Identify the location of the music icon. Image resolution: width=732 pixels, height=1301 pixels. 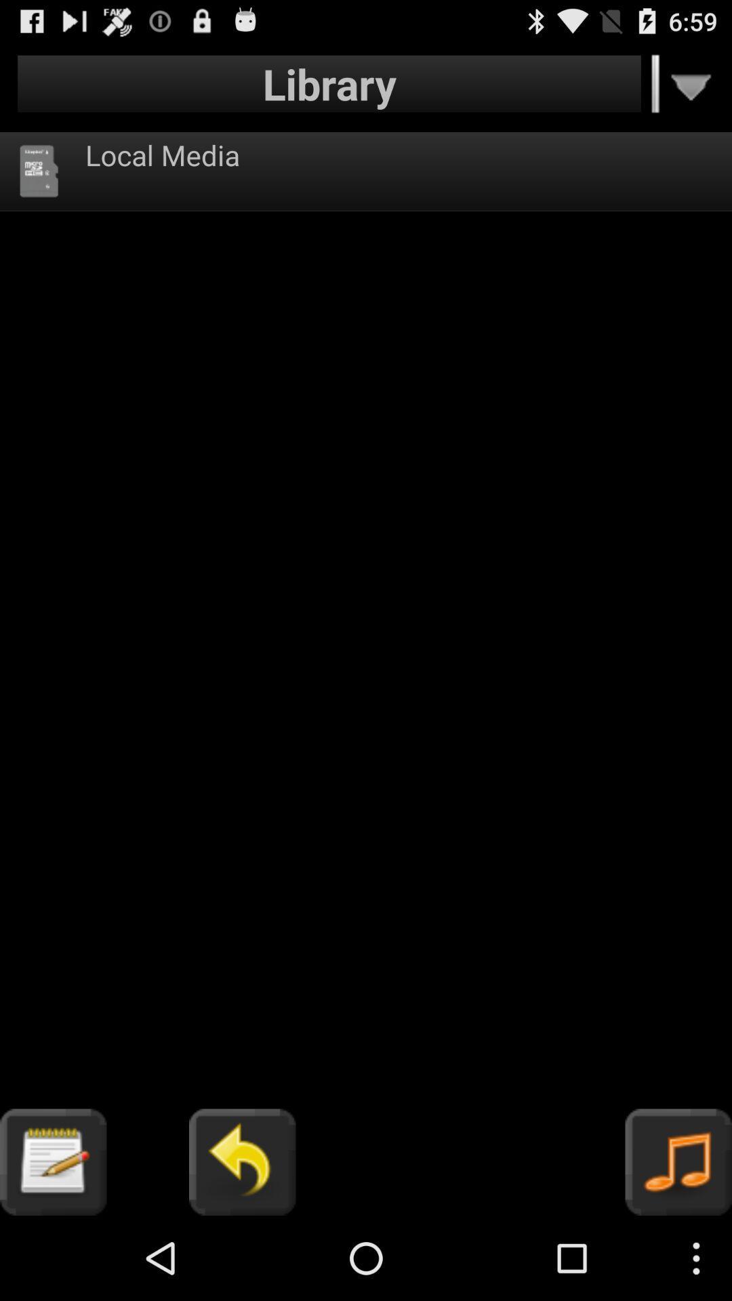
(678, 1243).